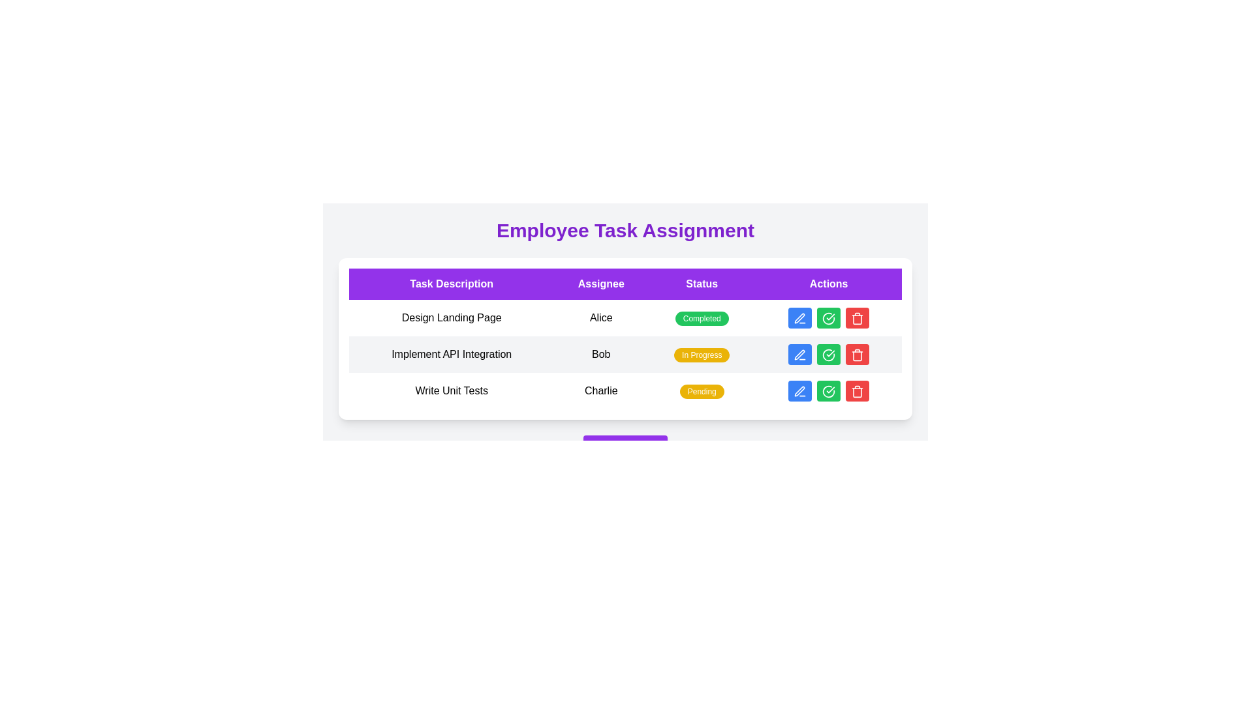 The height and width of the screenshot is (704, 1253). Describe the element at coordinates (828, 318) in the screenshot. I see `the circular green checkmark icon indicating success in the 'Actions' column of the first row under the 'Design Landing Page' task` at that location.